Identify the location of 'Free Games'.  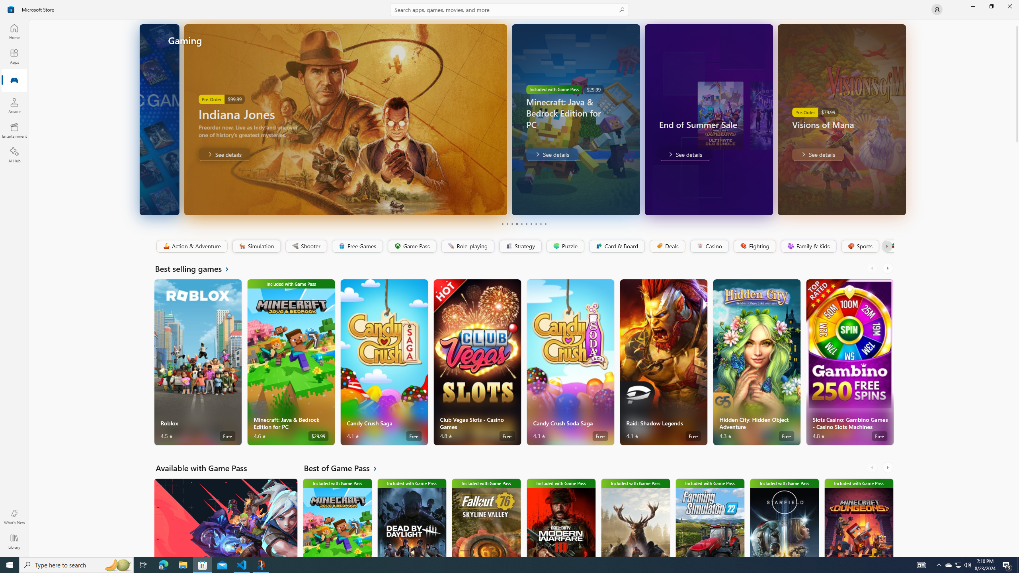
(357, 246).